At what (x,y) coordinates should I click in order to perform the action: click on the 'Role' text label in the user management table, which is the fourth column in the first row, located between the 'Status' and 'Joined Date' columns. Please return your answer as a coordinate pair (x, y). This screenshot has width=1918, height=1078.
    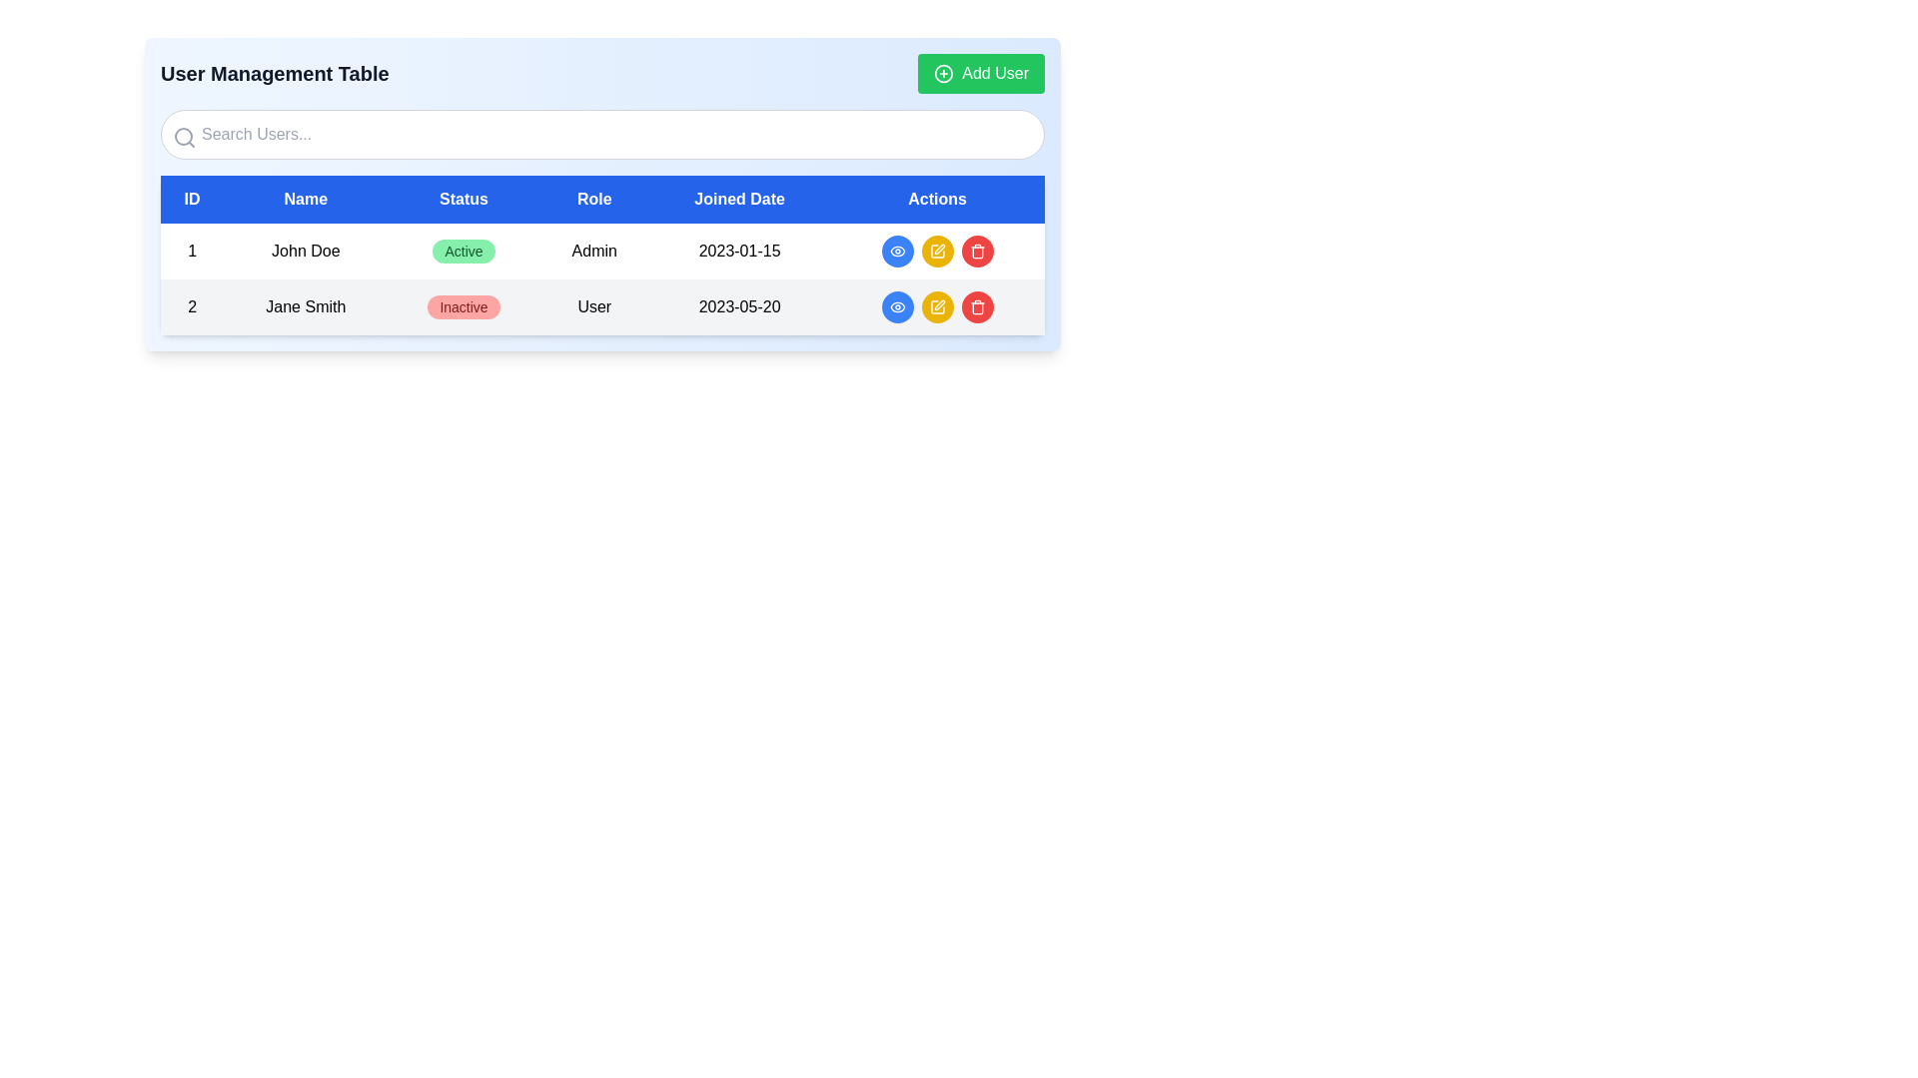
    Looking at the image, I should click on (593, 250).